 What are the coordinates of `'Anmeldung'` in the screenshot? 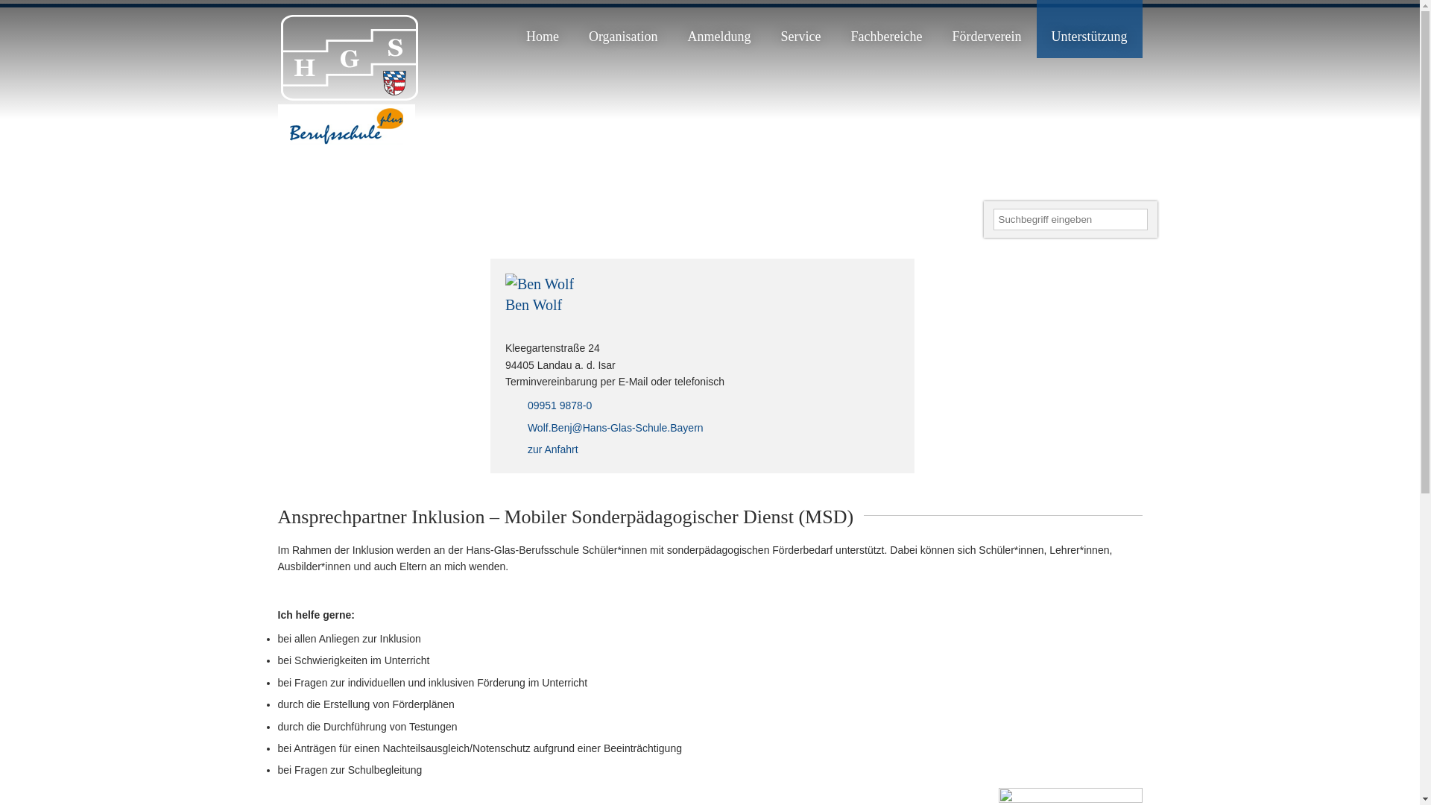 It's located at (719, 28).